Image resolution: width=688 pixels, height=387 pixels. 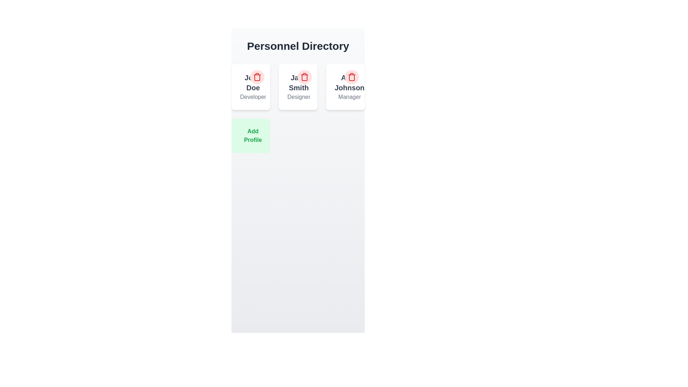 I want to click on the static text label displaying the name of an individual in the personnel directory, located in the second card from the left, below the icon and above the subtitle 'Designer', so click(x=299, y=82).